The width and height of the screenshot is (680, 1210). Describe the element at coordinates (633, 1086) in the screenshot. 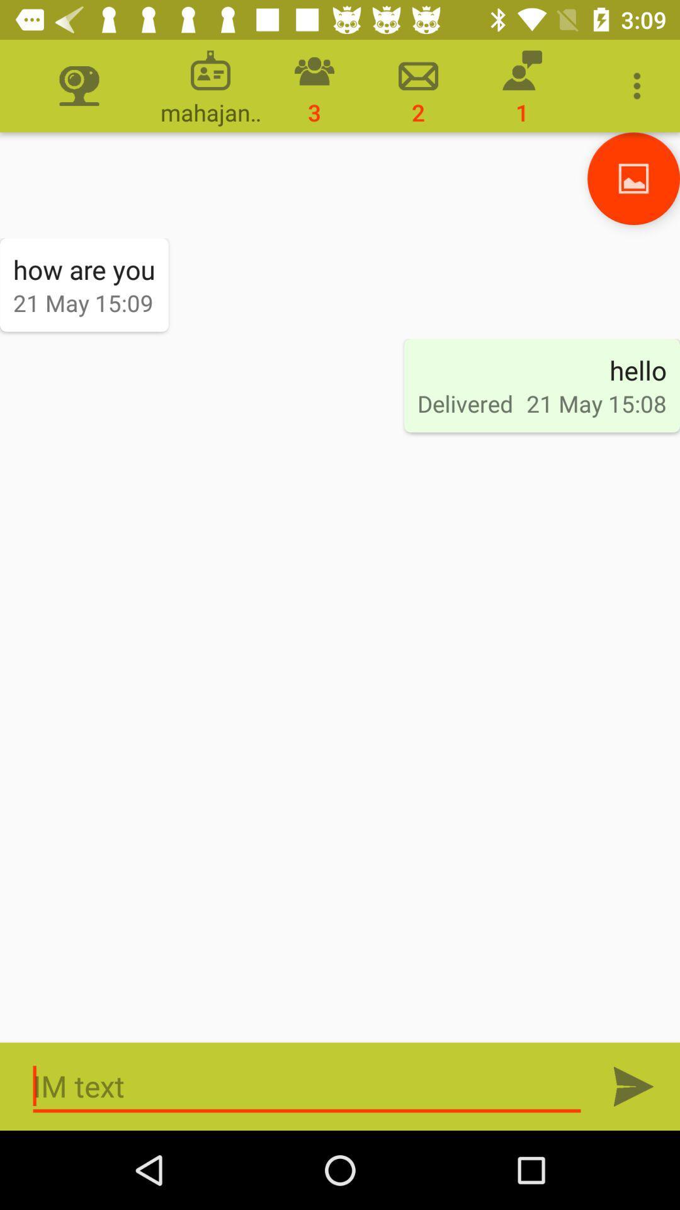

I see `the send icon` at that location.